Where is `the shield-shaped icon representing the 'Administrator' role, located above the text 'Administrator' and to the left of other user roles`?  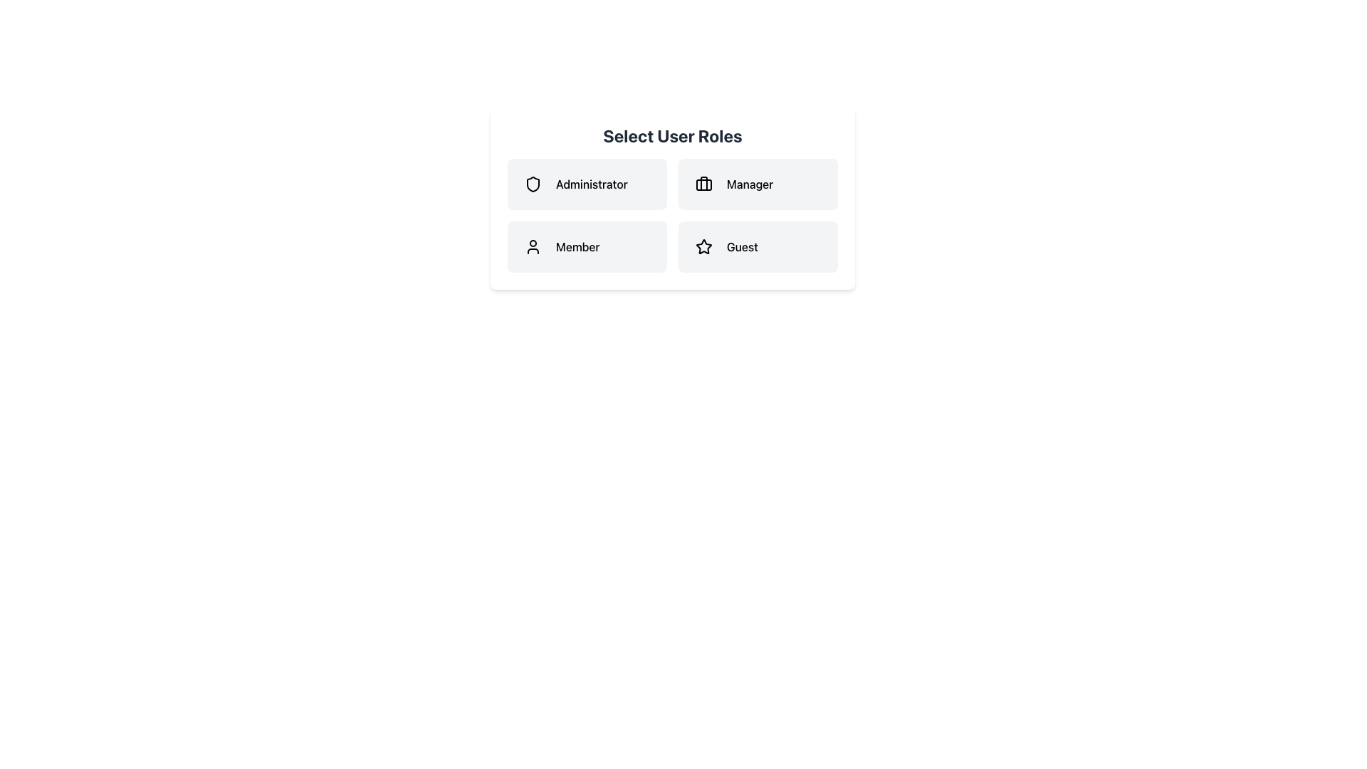 the shield-shaped icon representing the 'Administrator' role, located above the text 'Administrator' and to the left of other user roles is located at coordinates (532, 183).